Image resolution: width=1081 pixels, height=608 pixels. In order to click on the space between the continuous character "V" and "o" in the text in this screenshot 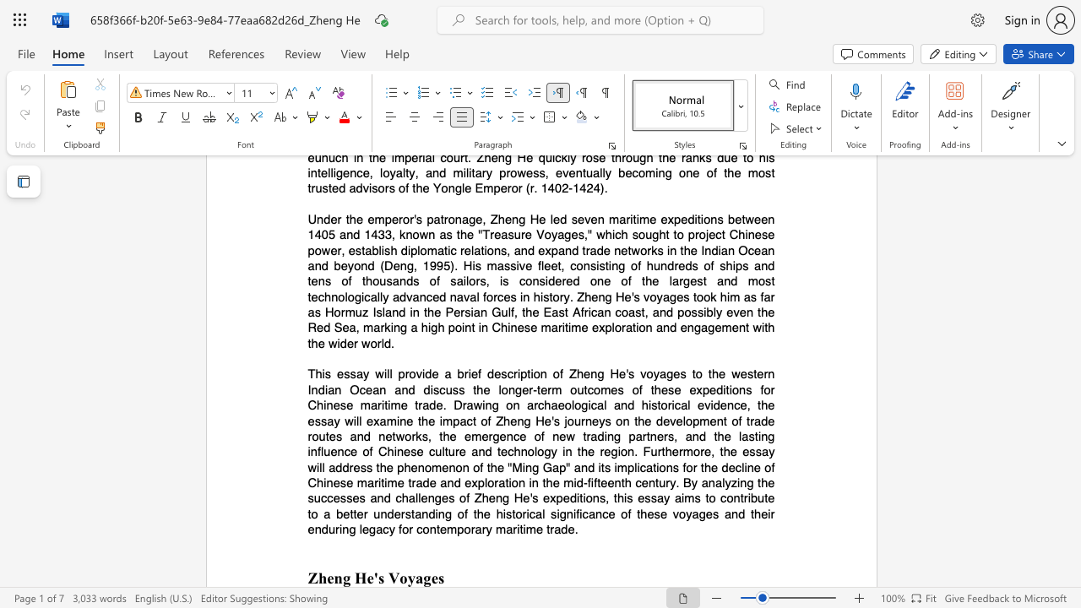, I will do `click(398, 577)`.